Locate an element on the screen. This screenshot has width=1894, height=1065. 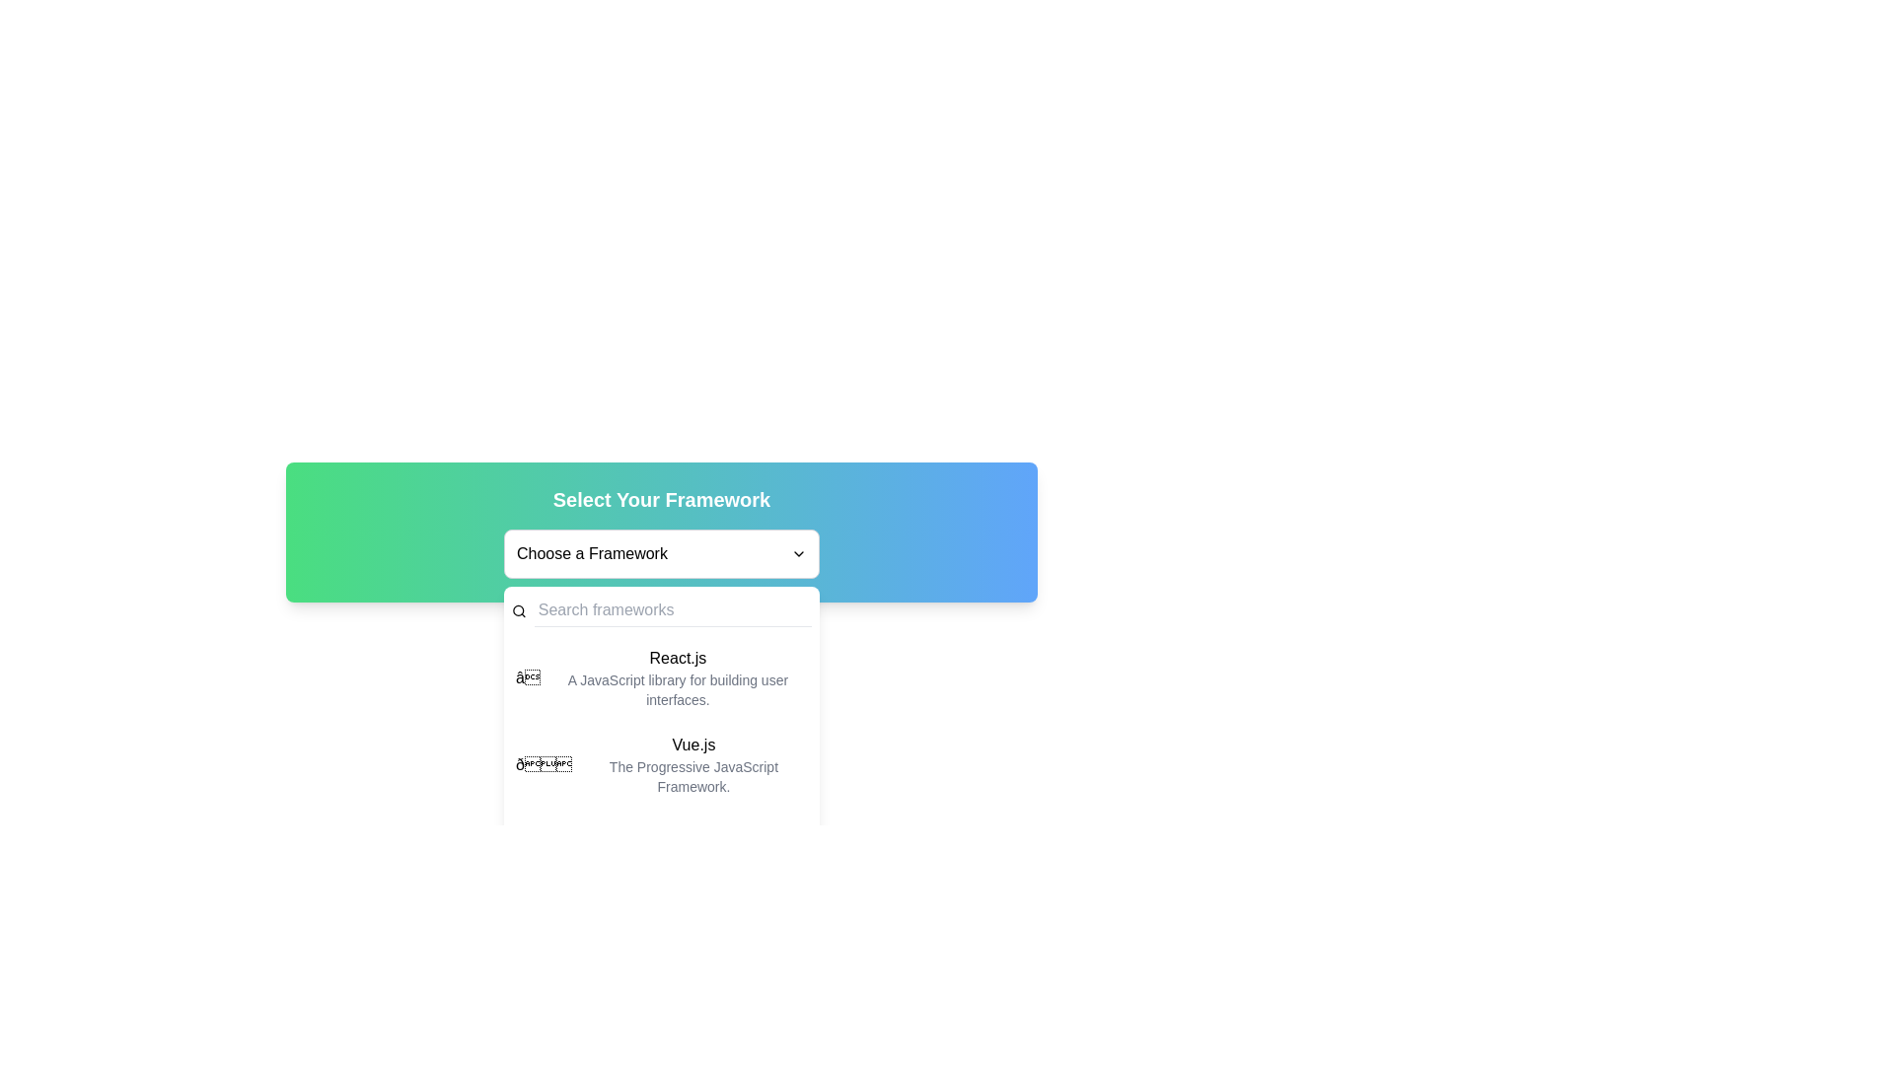
the decorative icon that signifies the search functionality, located to the immediate left of the 'Search frameworks' input field is located at coordinates (519, 609).